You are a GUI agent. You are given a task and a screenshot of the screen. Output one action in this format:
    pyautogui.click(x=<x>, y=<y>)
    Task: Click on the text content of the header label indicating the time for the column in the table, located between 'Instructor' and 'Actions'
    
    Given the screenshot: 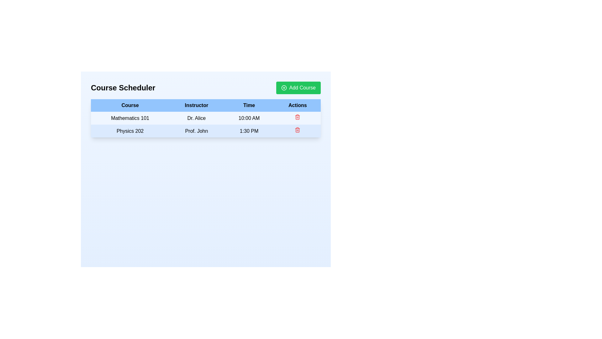 What is the action you would take?
    pyautogui.click(x=249, y=105)
    